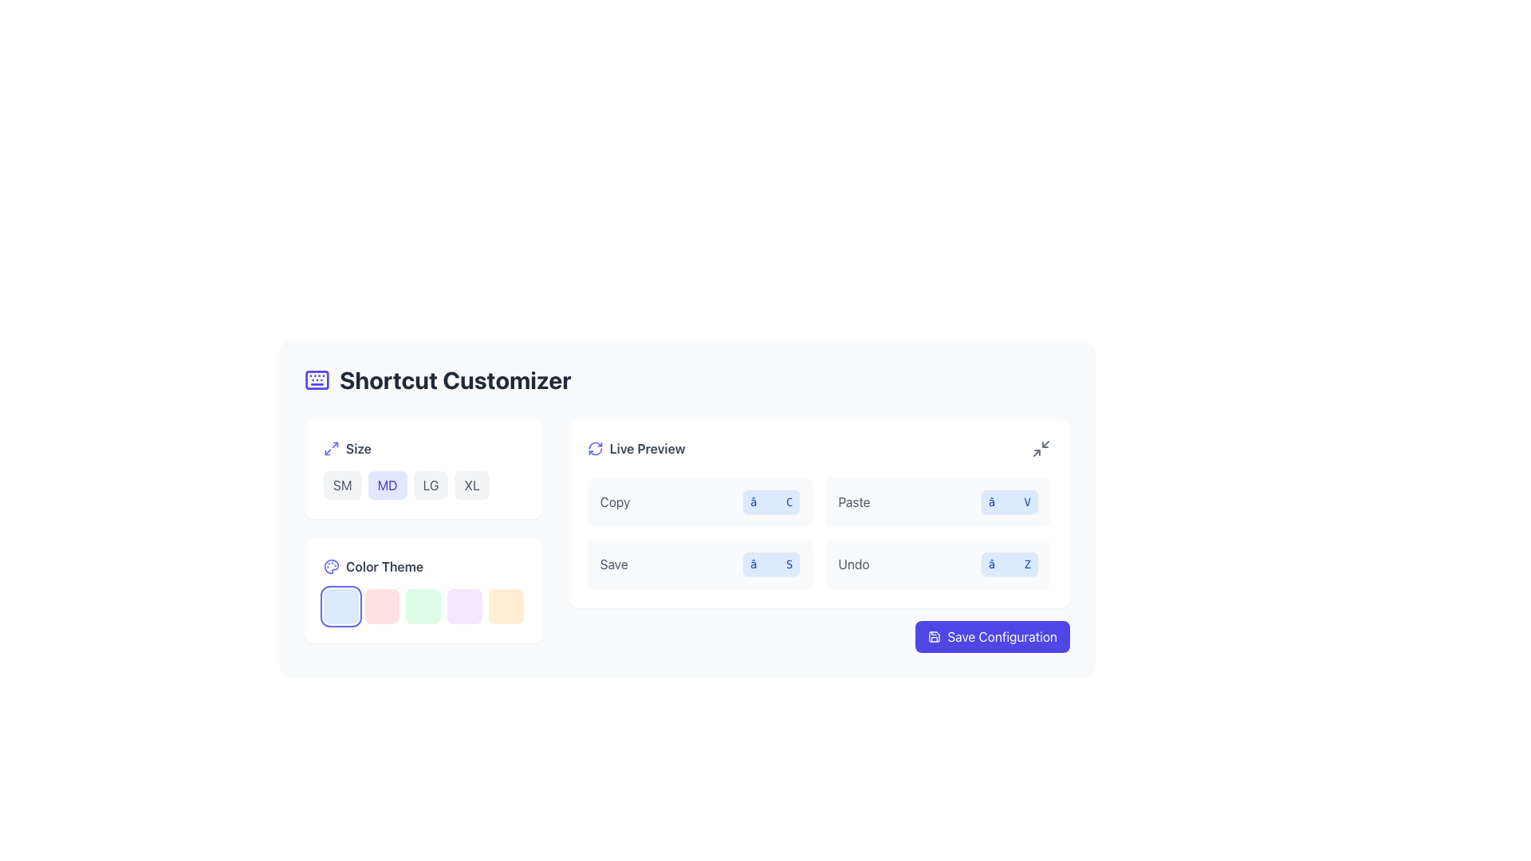 Image resolution: width=1531 pixels, height=861 pixels. Describe the element at coordinates (423, 606) in the screenshot. I see `the third button from the left in the 'Color Theme' row of the 'Shortcut Customizer'` at that location.